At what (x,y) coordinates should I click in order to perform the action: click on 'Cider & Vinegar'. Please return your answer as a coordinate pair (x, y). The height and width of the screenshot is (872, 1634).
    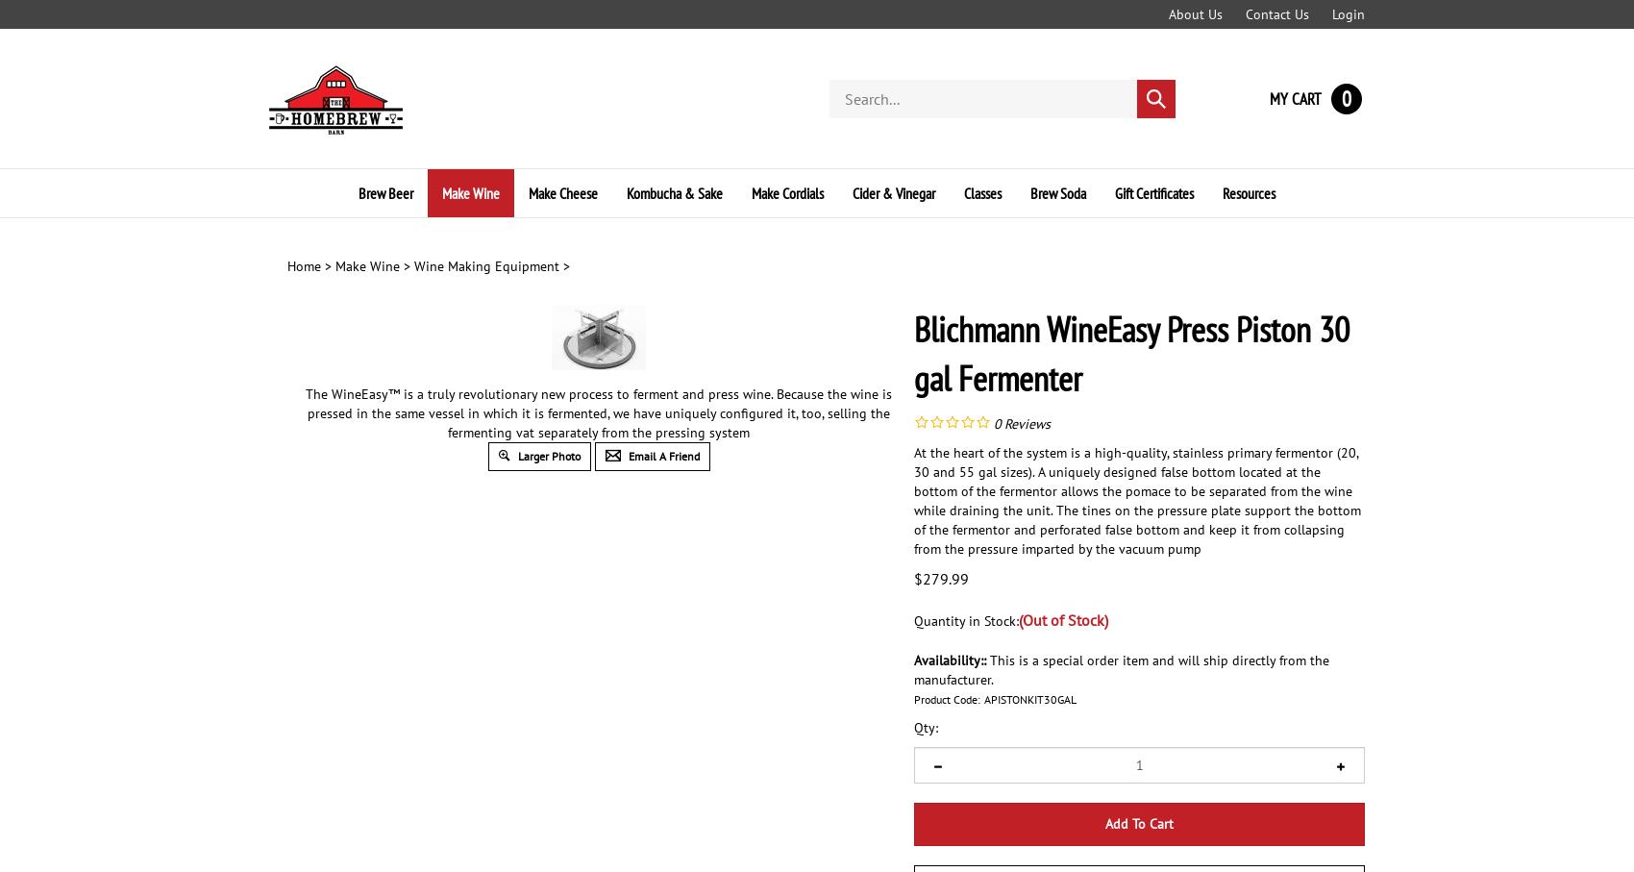
    Looking at the image, I should click on (894, 191).